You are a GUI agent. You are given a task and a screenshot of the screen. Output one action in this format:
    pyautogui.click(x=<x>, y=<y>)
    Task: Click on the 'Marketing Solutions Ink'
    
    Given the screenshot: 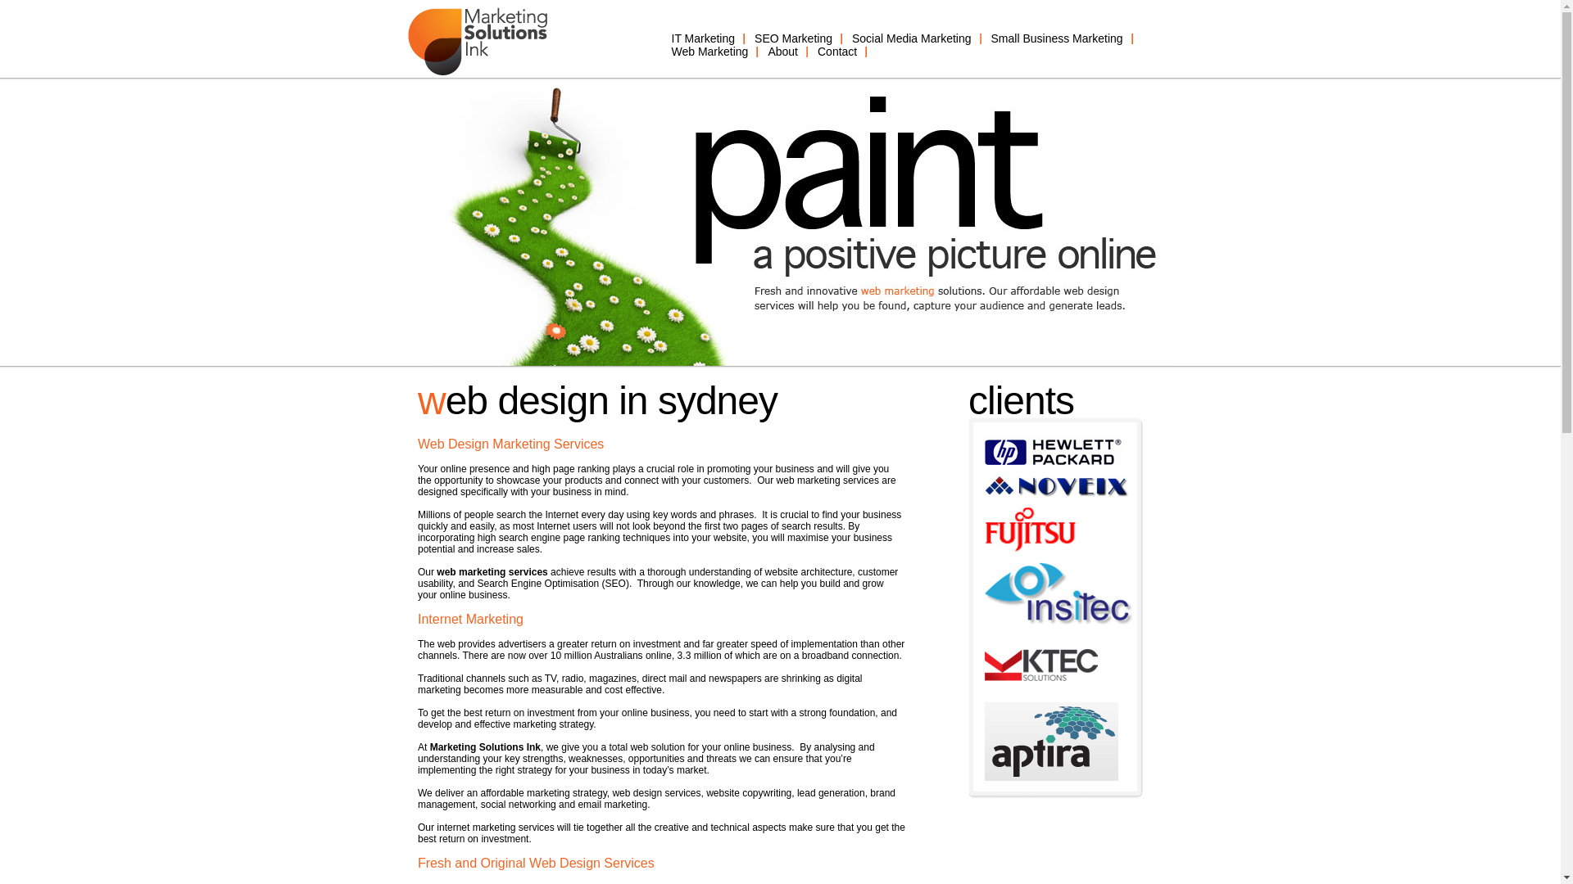 What is the action you would take?
    pyautogui.click(x=484, y=747)
    